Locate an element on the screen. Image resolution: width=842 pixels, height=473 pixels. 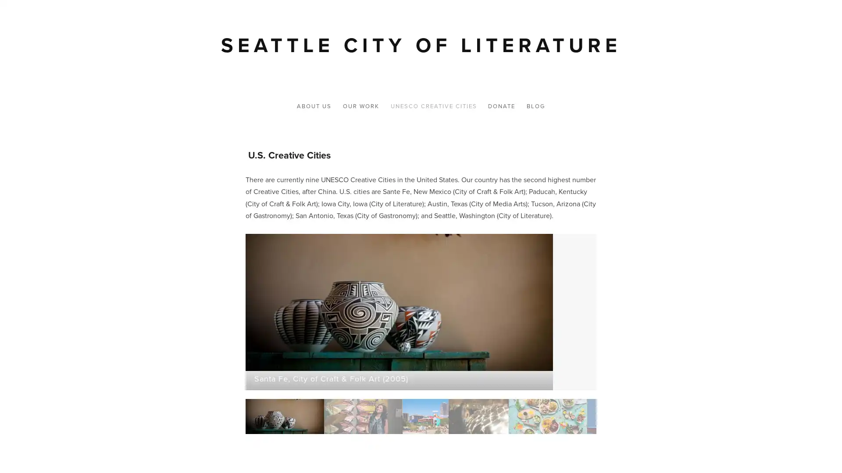
Slide 7 is located at coordinates (570, 416).